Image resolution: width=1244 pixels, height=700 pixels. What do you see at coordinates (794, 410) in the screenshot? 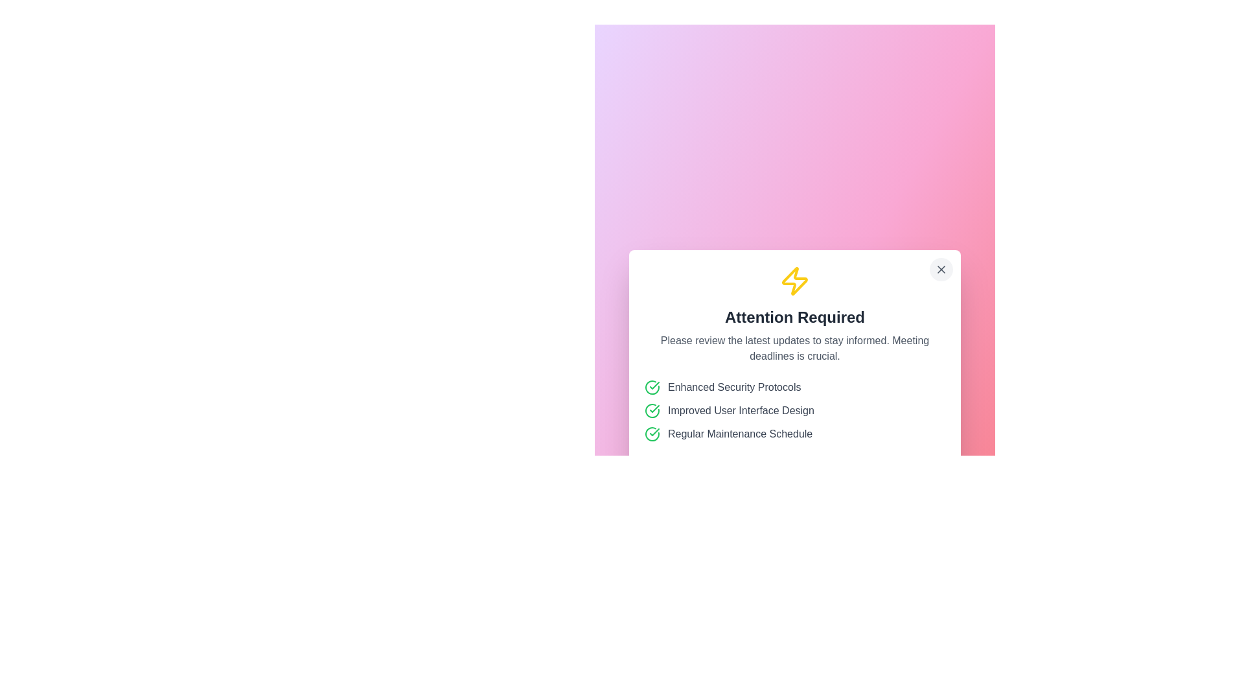
I see `the green circular checkmark icon of the second list item, 'Improved User Interface Design'` at bounding box center [794, 410].